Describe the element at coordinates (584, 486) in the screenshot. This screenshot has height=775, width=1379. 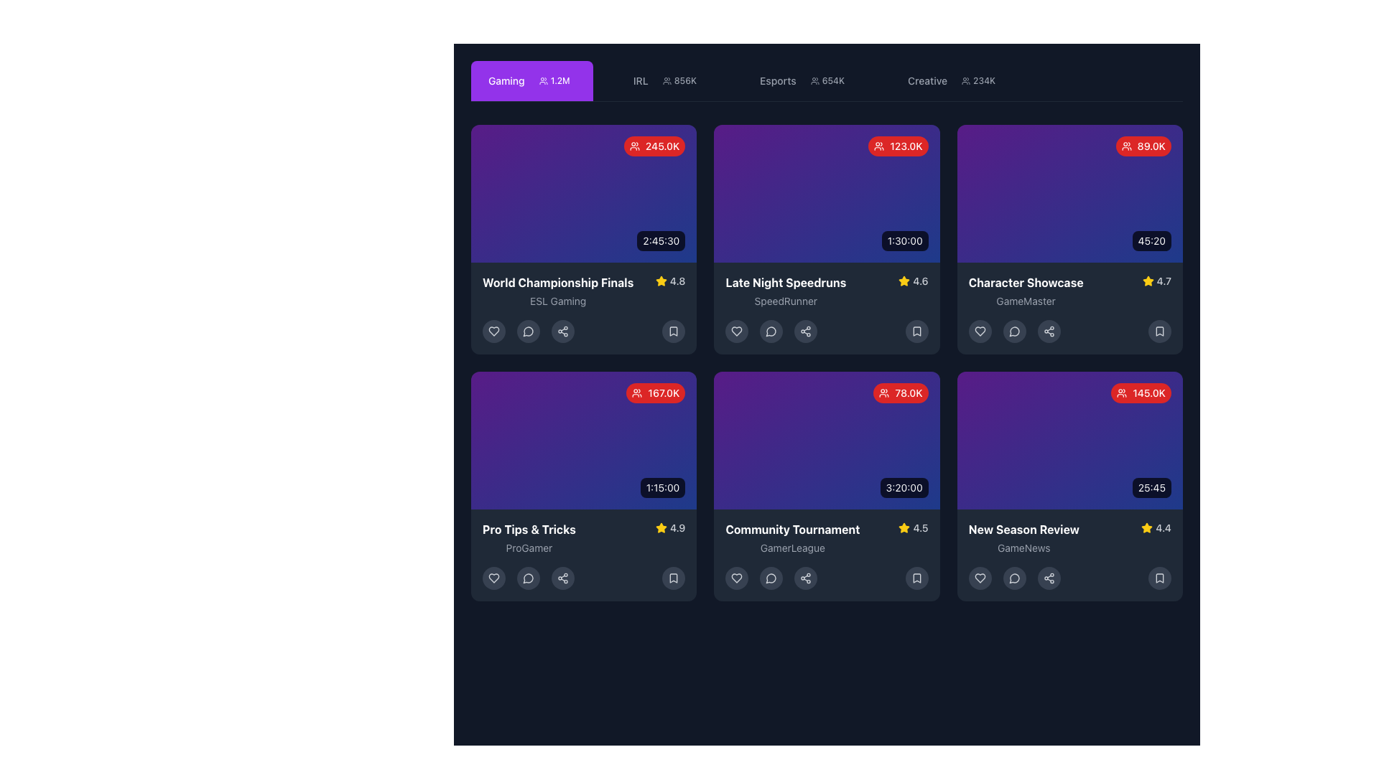
I see `the rectangular card with a purple and blue gradient background, which features a red badge with '167.0K' and a title 'Pro Tips & Tricks' in white bold text` at that location.